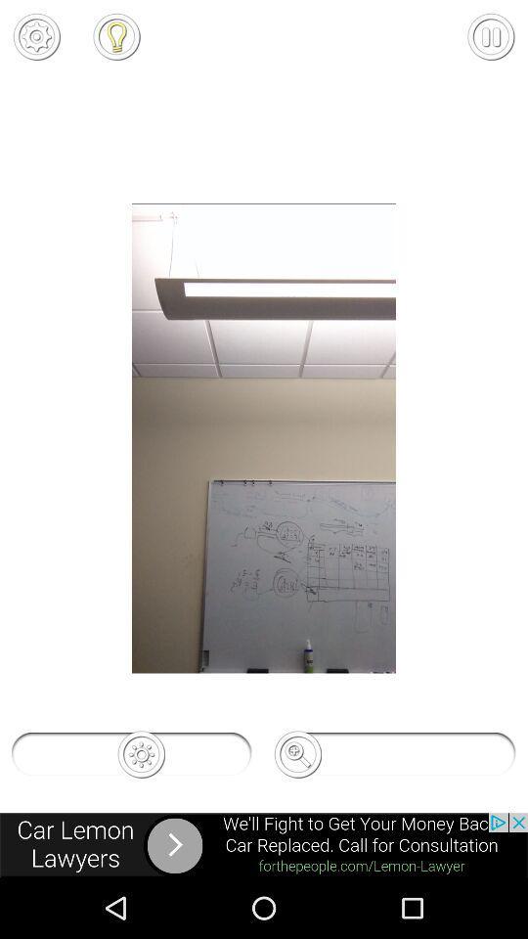 Image resolution: width=528 pixels, height=939 pixels. Describe the element at coordinates (116, 35) in the screenshot. I see `to favorite` at that location.